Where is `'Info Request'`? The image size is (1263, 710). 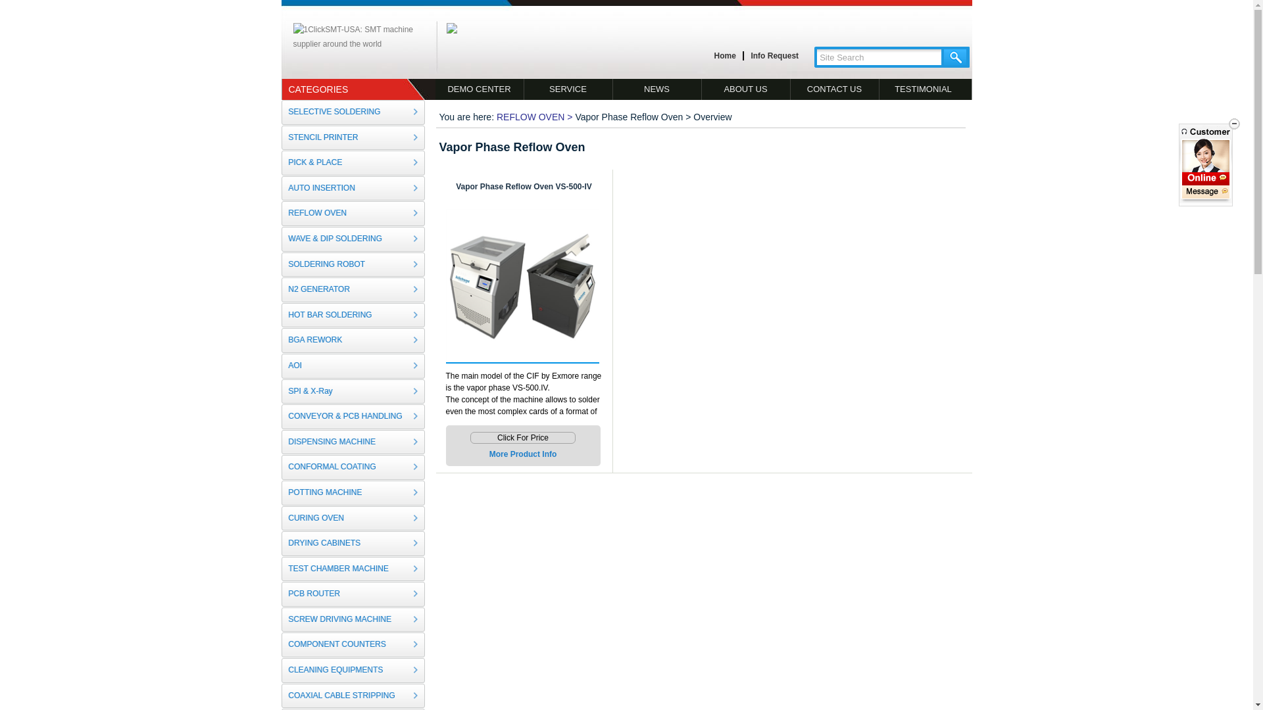
'Info Request' is located at coordinates (747, 55).